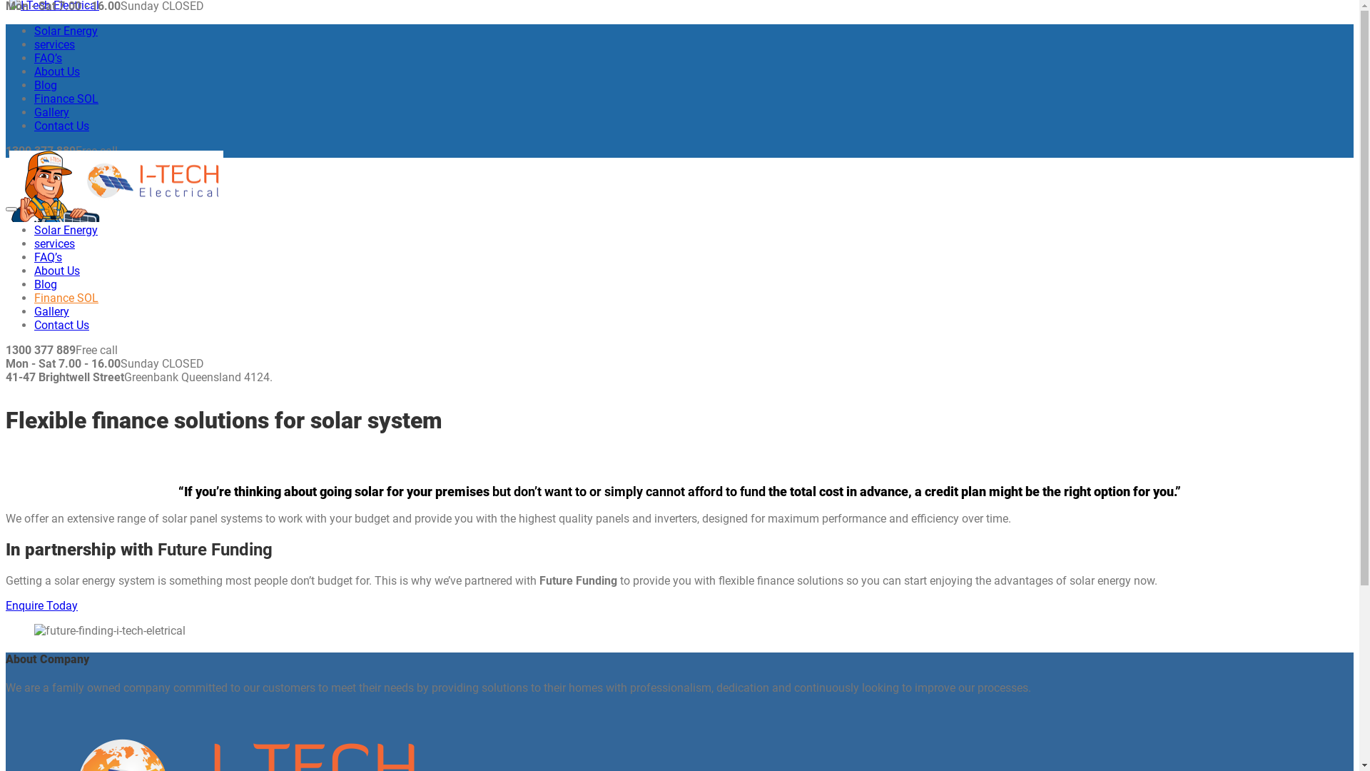  What do you see at coordinates (65, 297) in the screenshot?
I see `'Finance SOL'` at bounding box center [65, 297].